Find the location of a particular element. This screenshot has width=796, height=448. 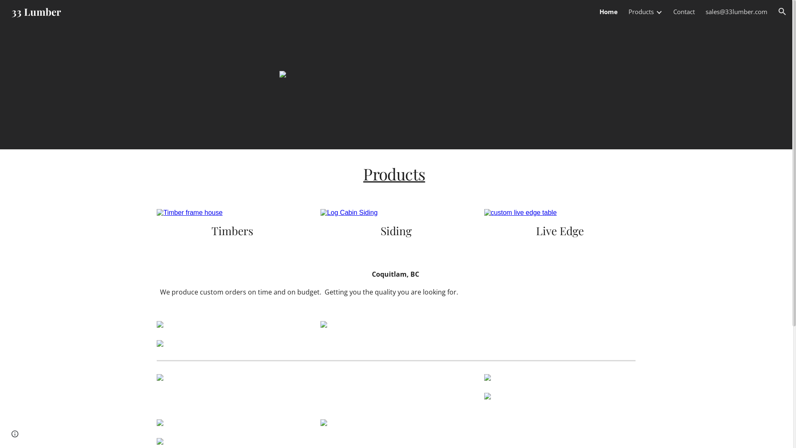

'Home' is located at coordinates (609, 11).